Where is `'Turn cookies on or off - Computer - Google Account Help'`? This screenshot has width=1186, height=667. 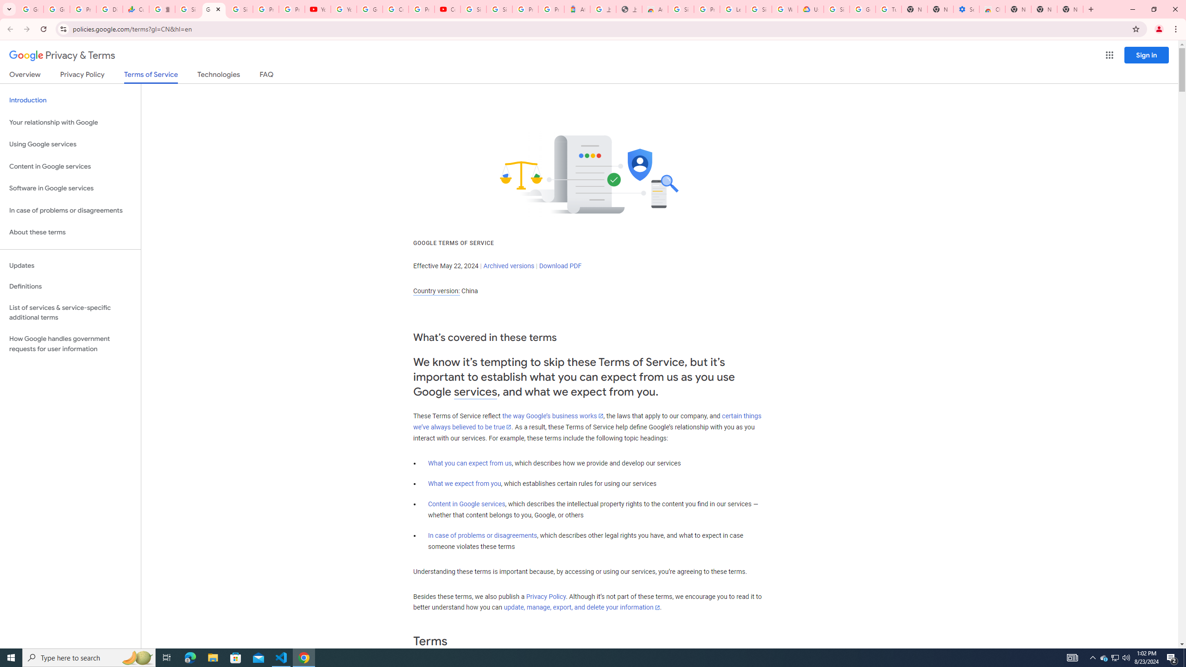
'Turn cookies on or off - Computer - Google Account Help' is located at coordinates (888, 9).